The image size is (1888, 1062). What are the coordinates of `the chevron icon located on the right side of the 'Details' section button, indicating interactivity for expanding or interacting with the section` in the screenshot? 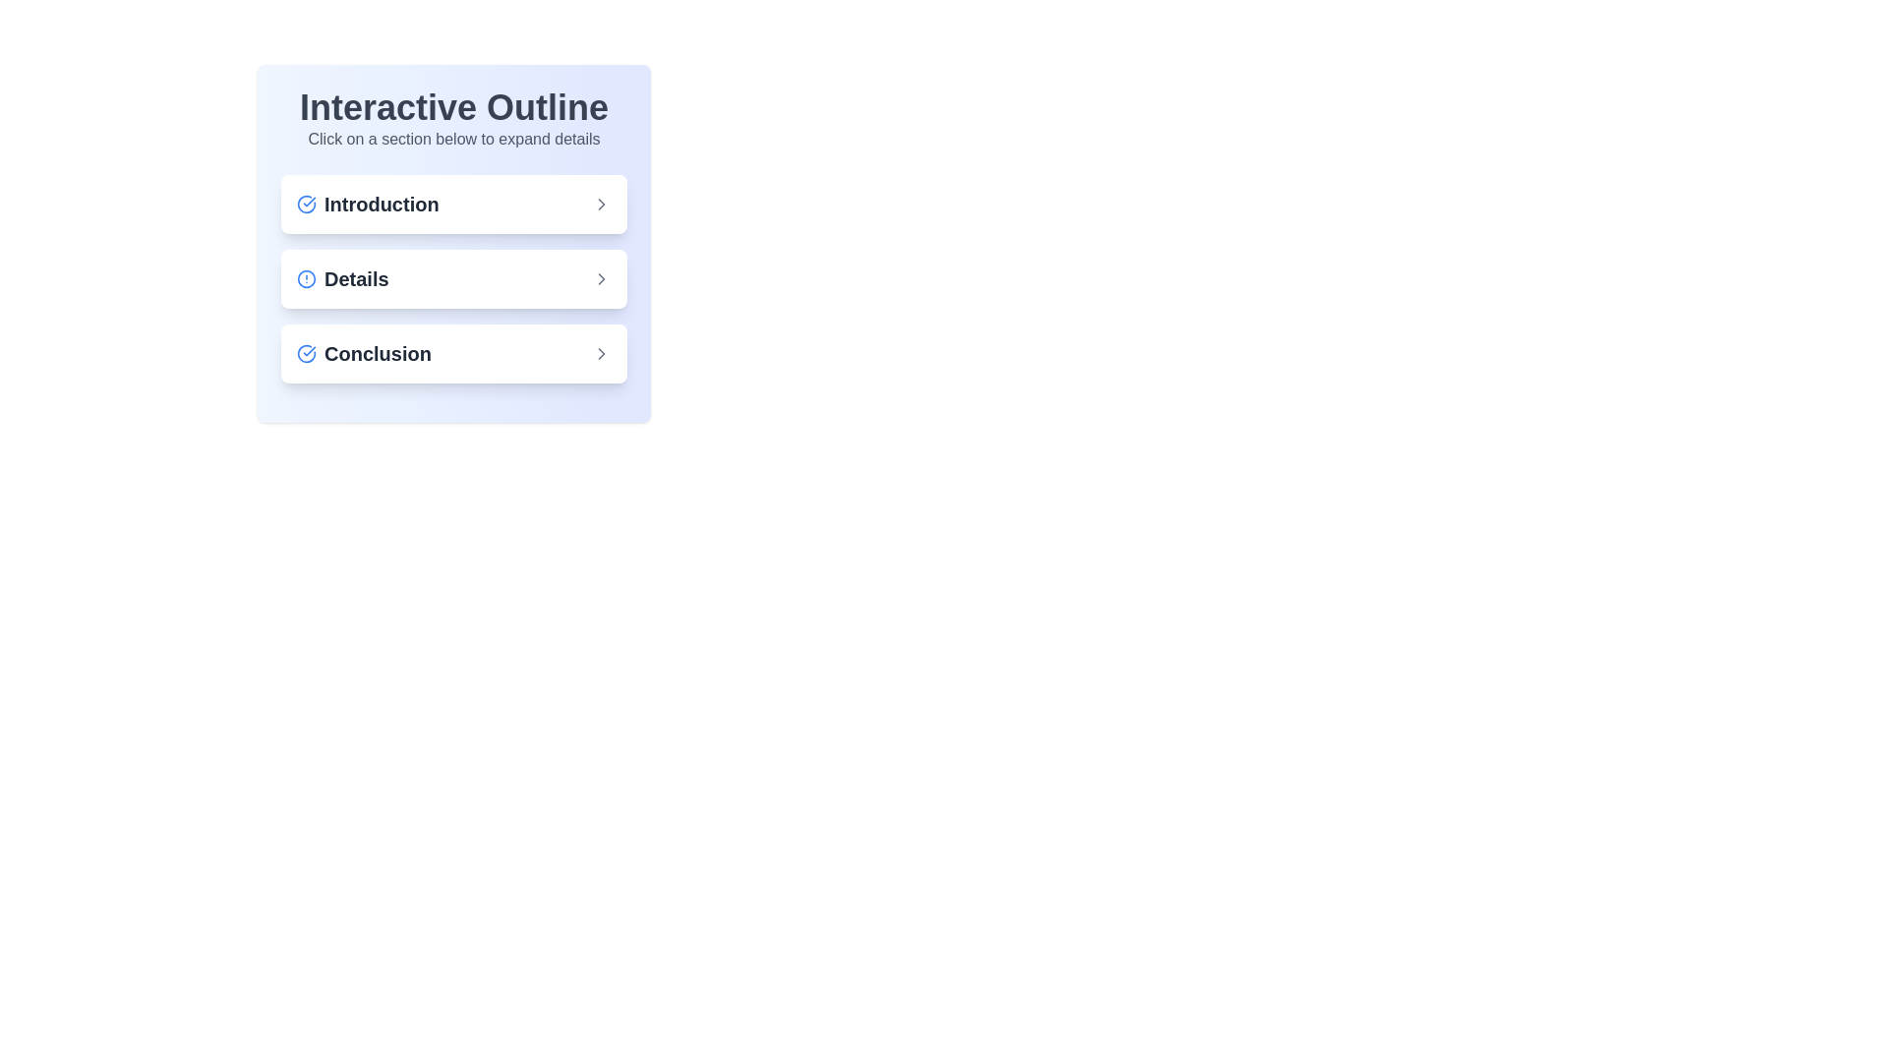 It's located at (600, 279).